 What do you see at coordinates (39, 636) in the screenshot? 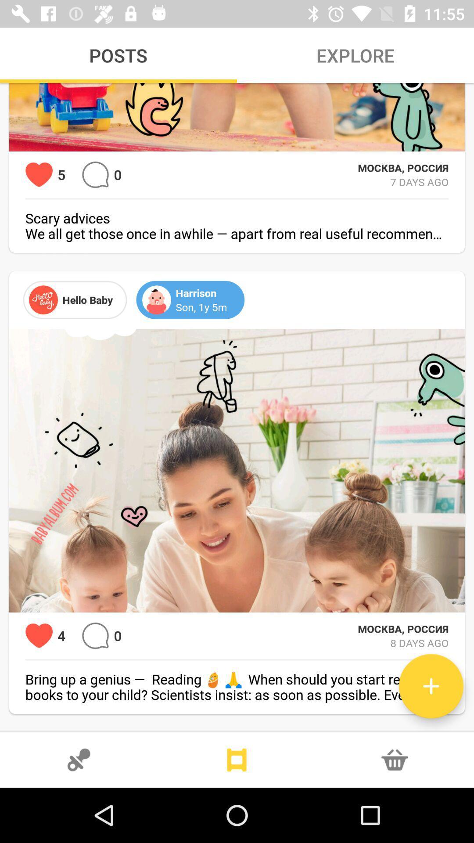
I see `favorite` at bounding box center [39, 636].